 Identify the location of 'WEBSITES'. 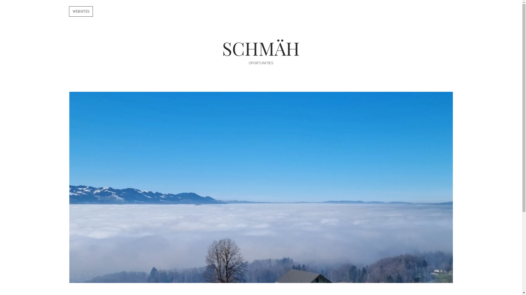
(80, 11).